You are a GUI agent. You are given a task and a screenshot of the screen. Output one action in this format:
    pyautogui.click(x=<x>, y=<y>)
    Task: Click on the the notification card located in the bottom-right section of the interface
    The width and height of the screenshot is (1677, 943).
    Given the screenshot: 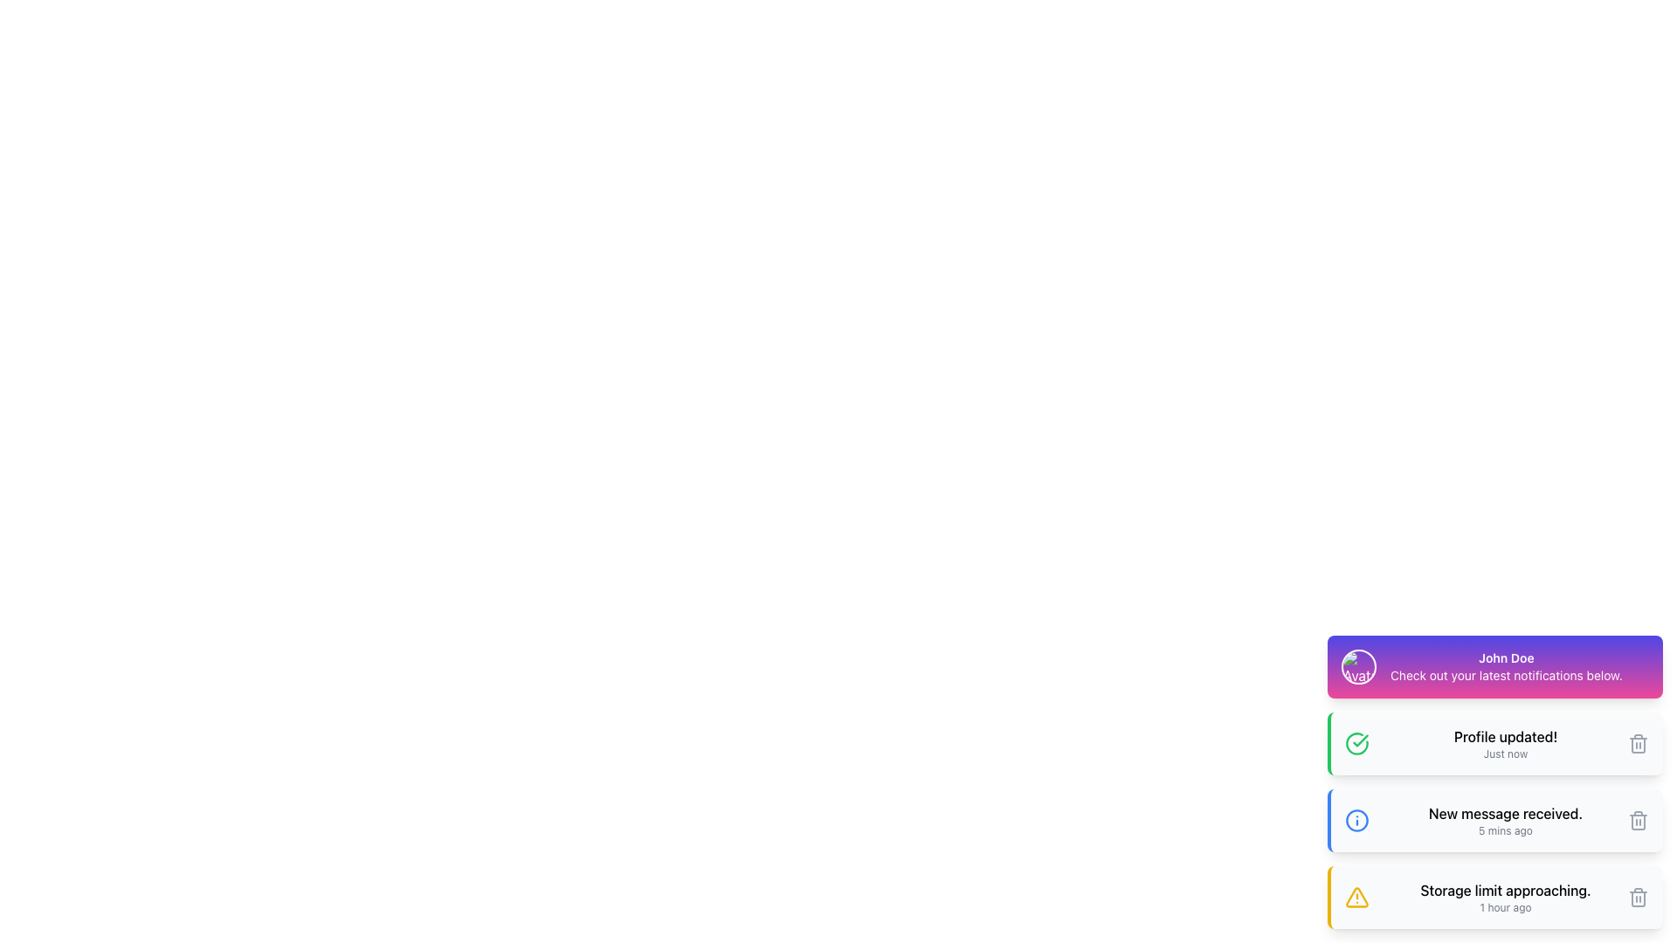 What is the action you would take?
    pyautogui.click(x=1494, y=781)
    